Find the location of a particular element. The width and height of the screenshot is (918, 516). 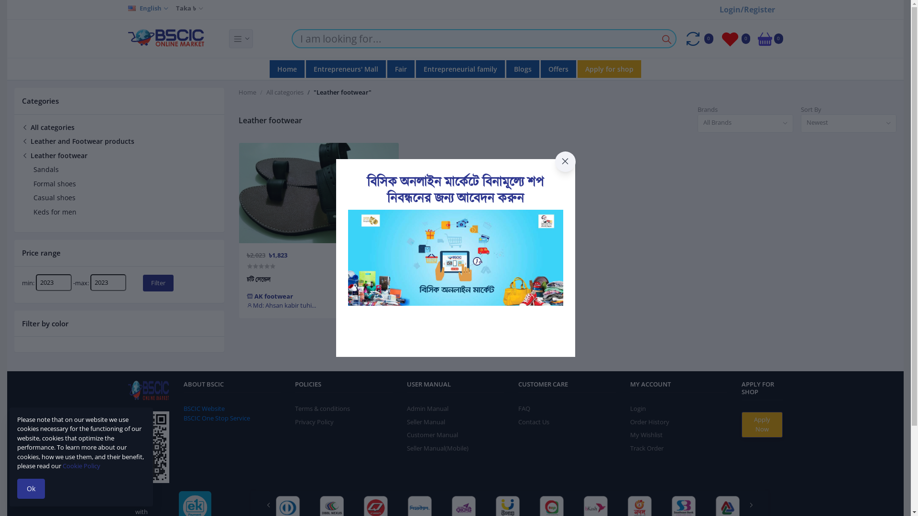

'Entrepreneurial family' is located at coordinates (460, 68).